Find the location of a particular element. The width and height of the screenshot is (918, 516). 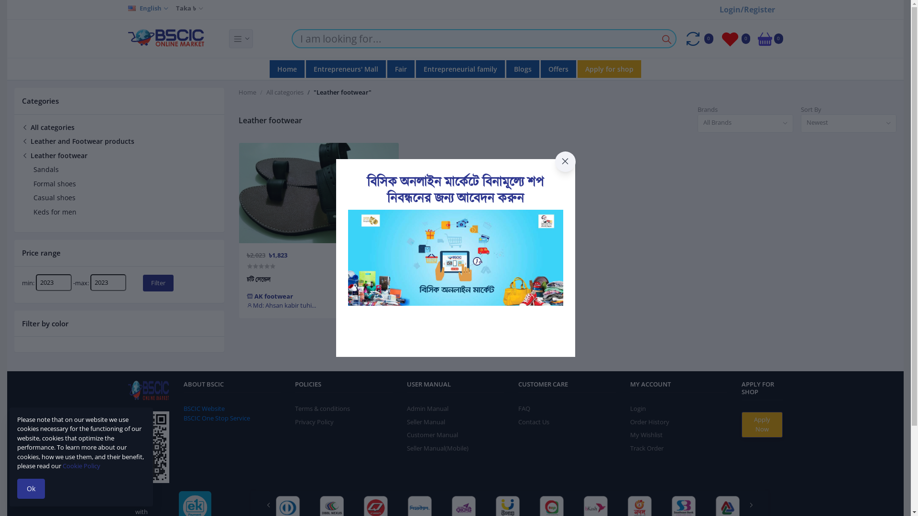

'Entrepreneurial family' is located at coordinates (460, 68).